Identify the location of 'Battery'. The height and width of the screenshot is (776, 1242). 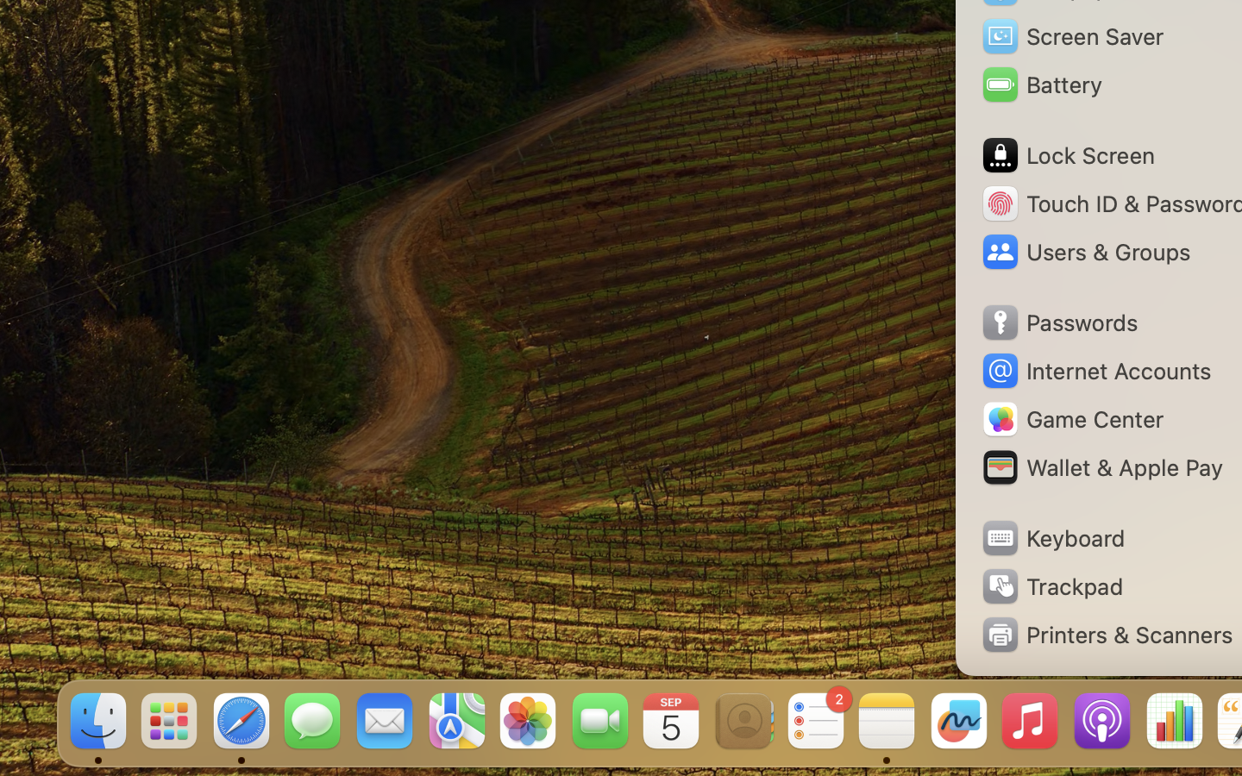
(1040, 84).